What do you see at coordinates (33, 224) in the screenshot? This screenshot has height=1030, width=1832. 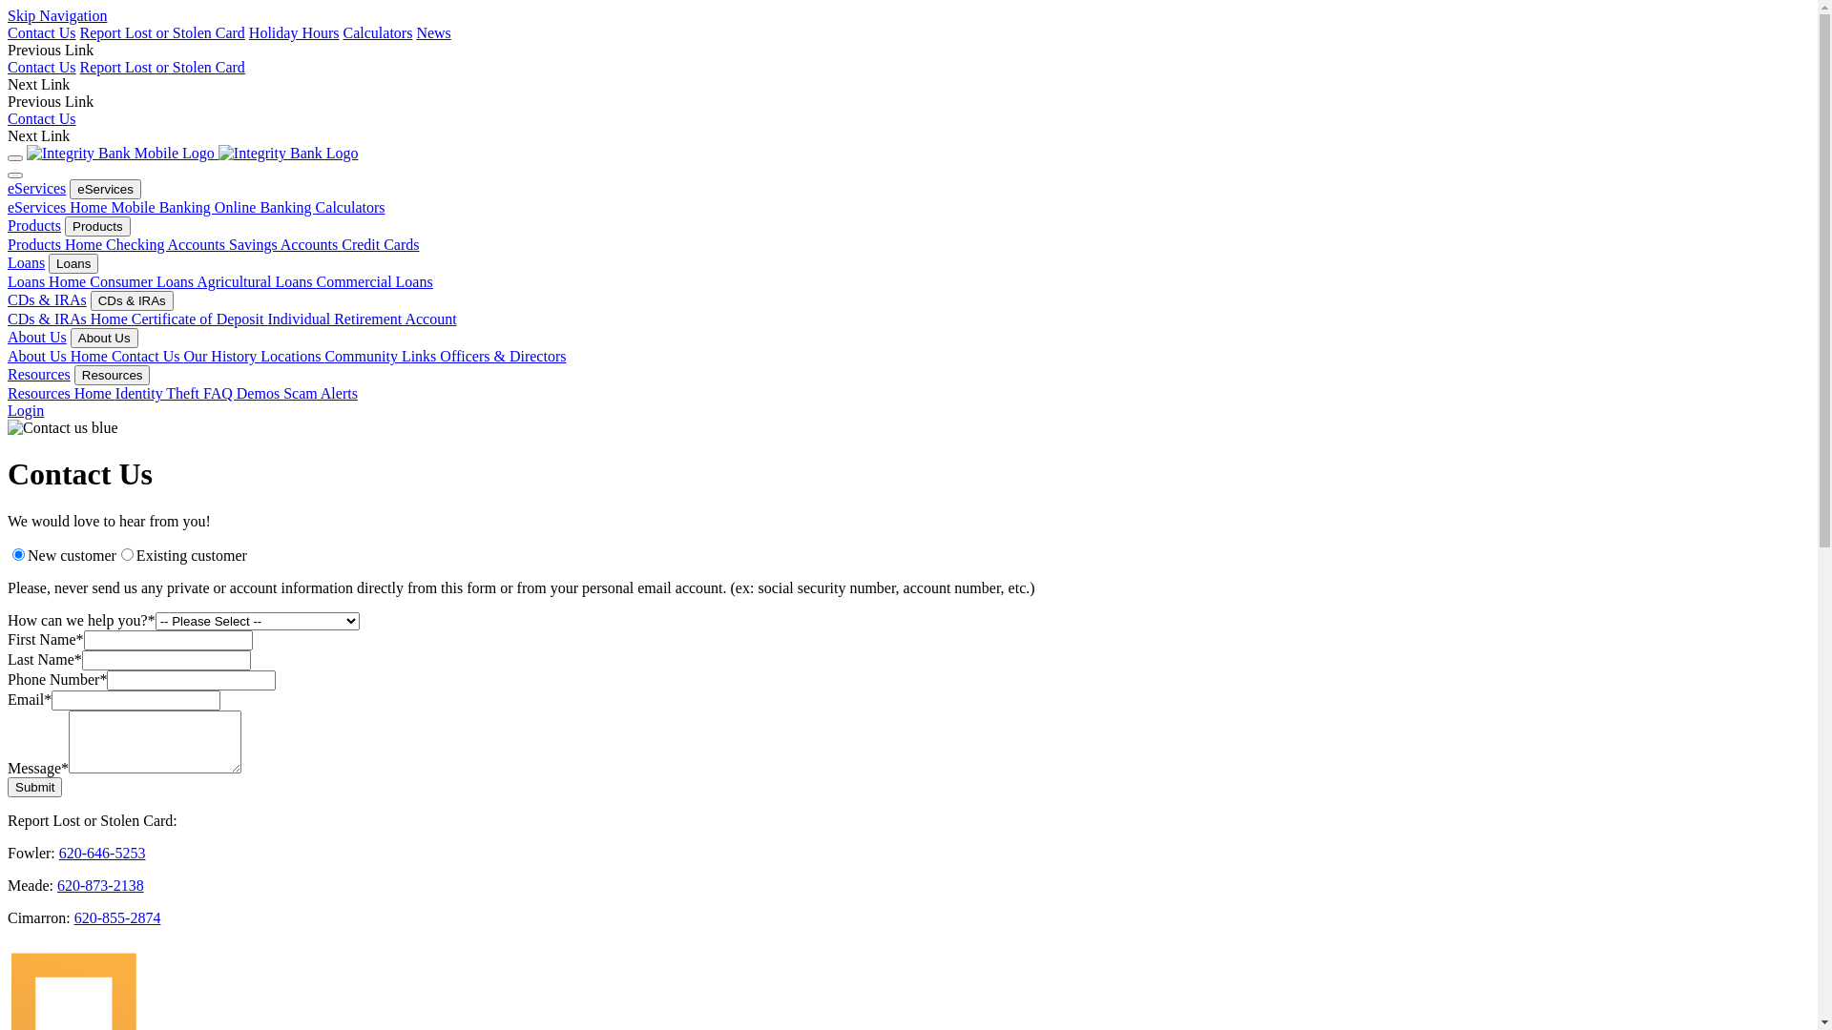 I see `'Products'` at bounding box center [33, 224].